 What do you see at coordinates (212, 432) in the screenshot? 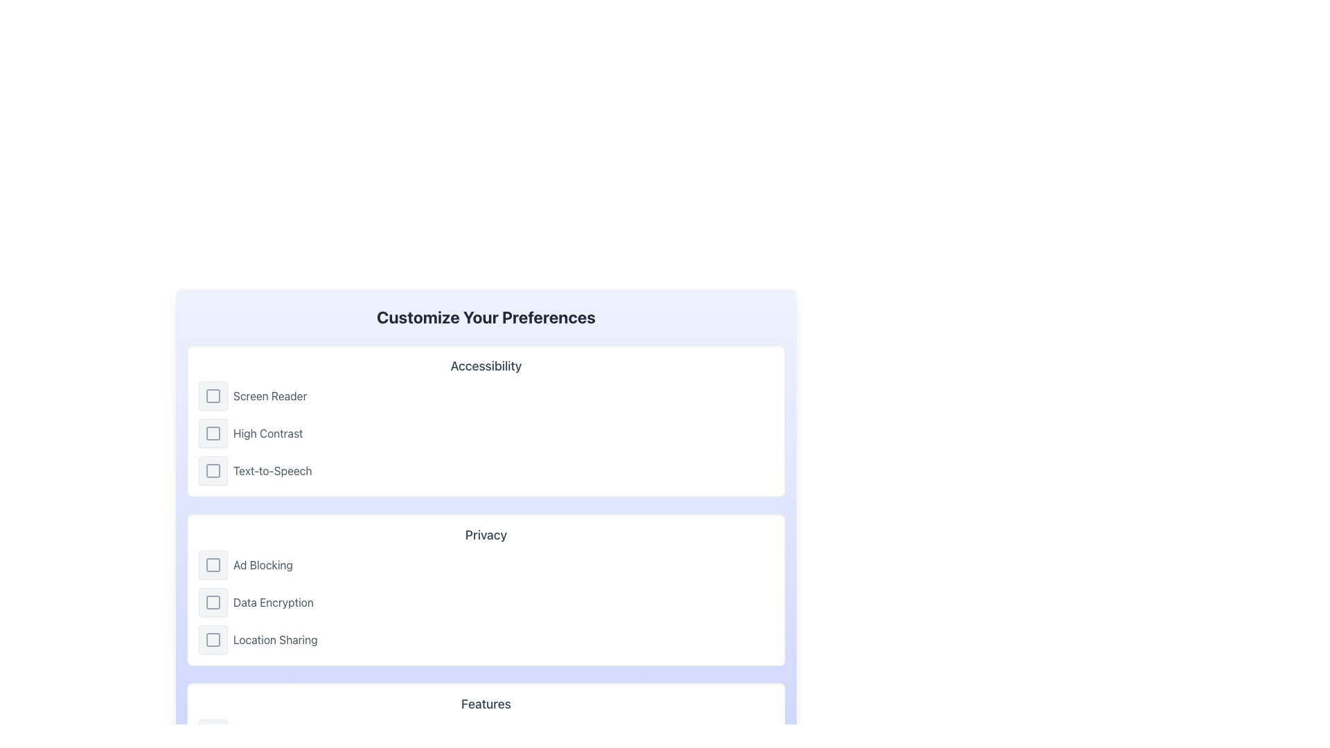
I see `the gray square-shaped checkbox located` at bounding box center [212, 432].